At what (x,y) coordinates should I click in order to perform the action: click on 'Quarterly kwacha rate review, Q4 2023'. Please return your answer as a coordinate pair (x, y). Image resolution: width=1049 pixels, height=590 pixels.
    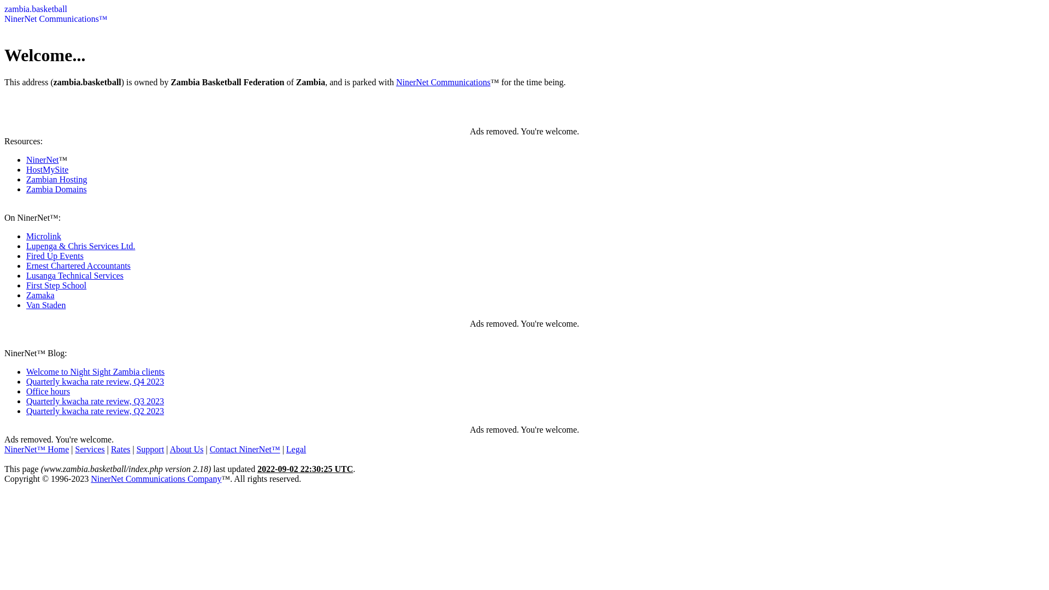
    Looking at the image, I should click on (95, 381).